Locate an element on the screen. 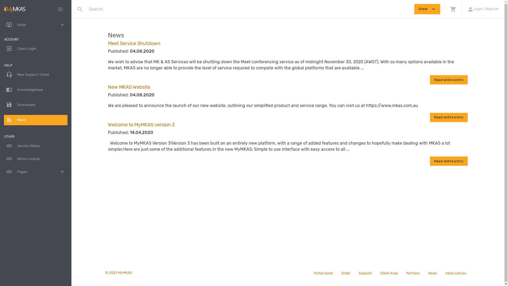 The width and height of the screenshot is (508, 286). 'headset_mic New Support Ticket' is located at coordinates (4, 75).